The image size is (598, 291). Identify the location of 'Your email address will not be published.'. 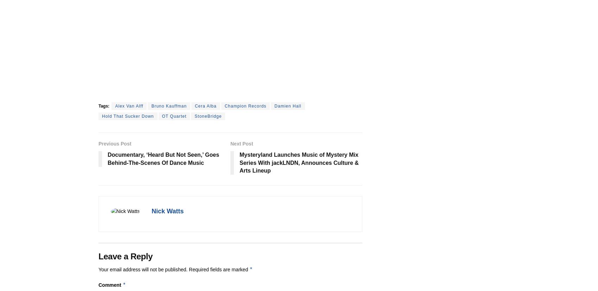
(98, 269).